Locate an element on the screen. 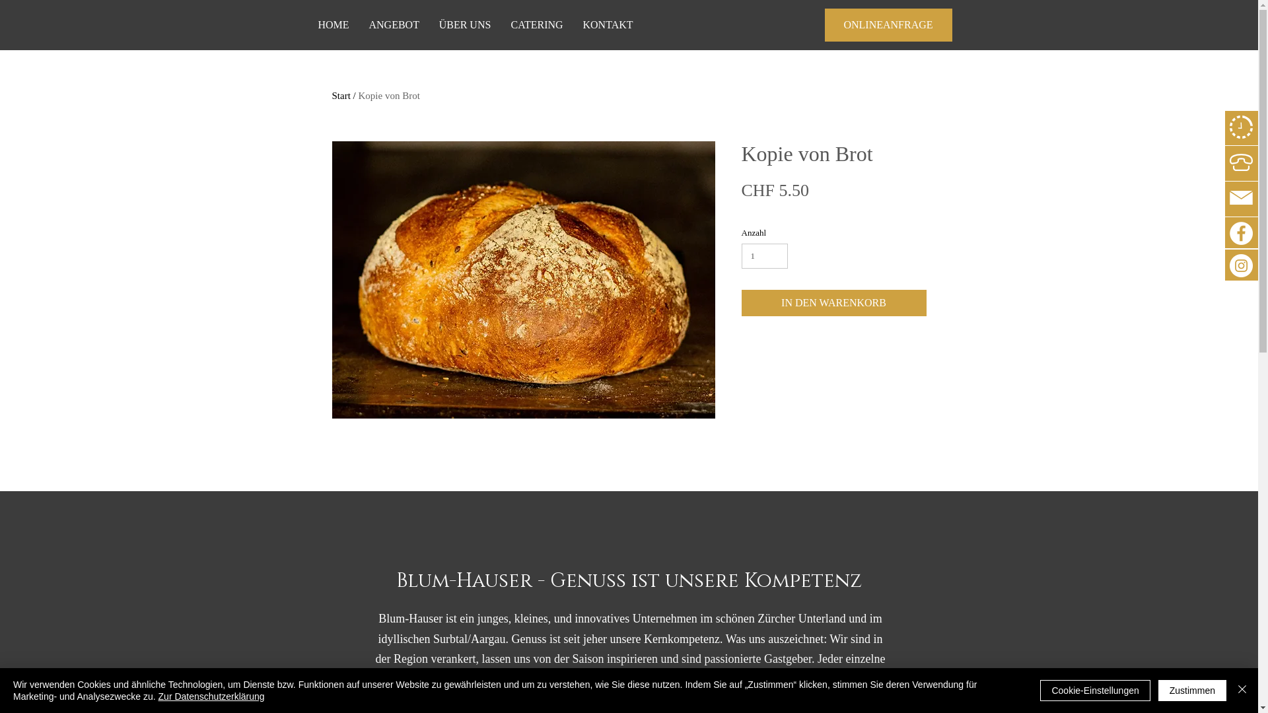 This screenshot has height=713, width=1268. 'Zustimmen' is located at coordinates (1192, 689).